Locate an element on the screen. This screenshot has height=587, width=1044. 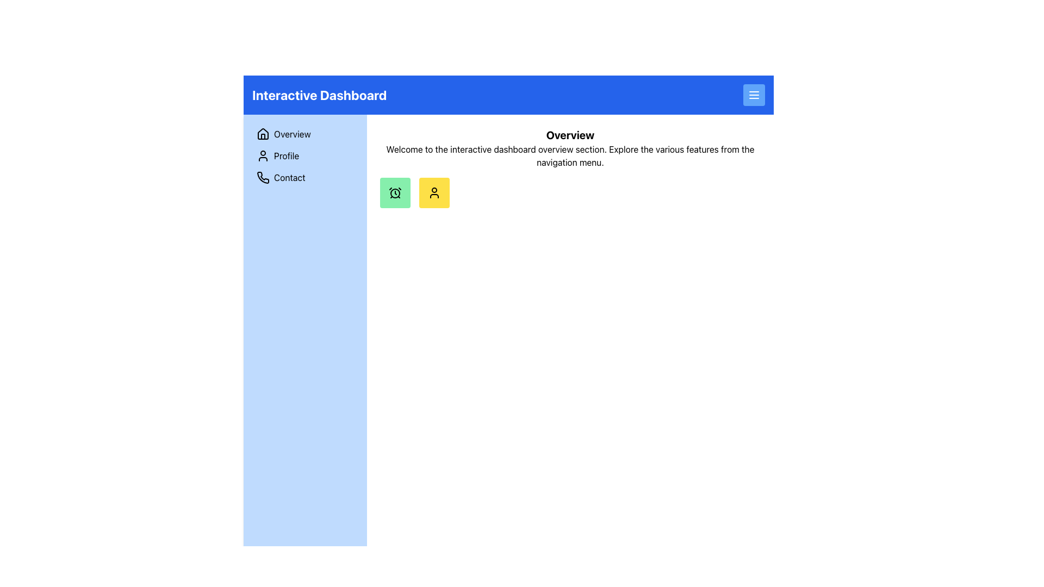
the central SVG Circle of the alarm clock icon, which is located within the green button on the leftmost side of the two adjacent square buttons below the header is located at coordinates (394, 192).